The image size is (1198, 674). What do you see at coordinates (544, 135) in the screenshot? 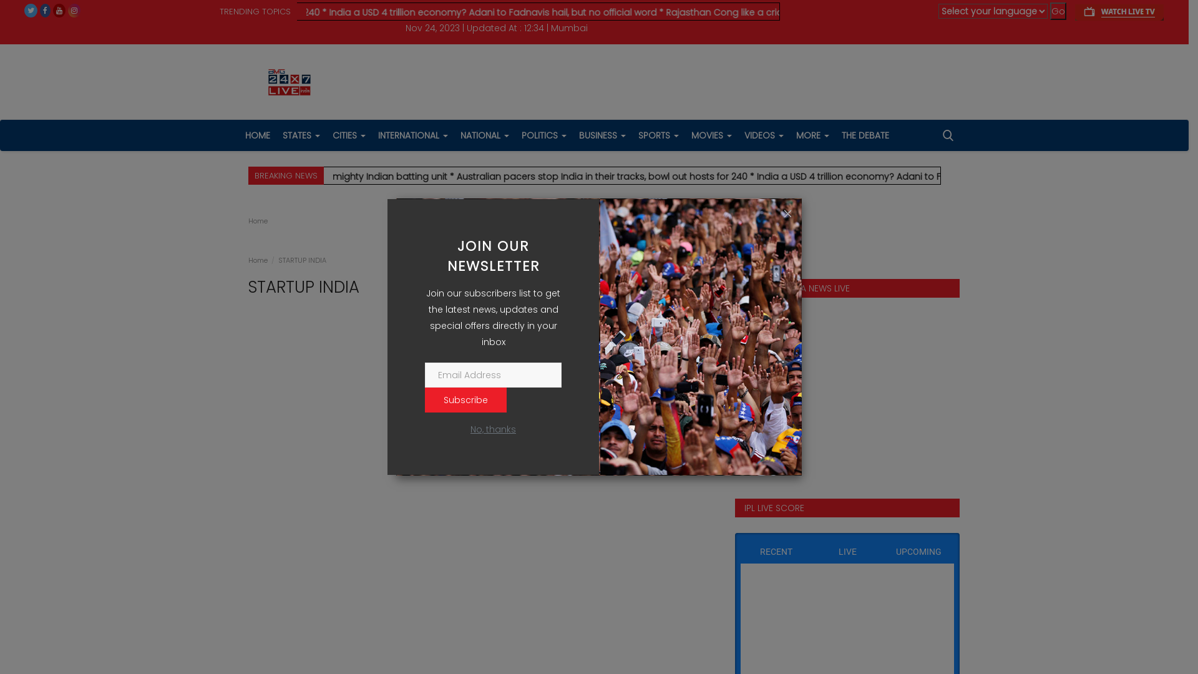
I see `'POLITICS'` at bounding box center [544, 135].